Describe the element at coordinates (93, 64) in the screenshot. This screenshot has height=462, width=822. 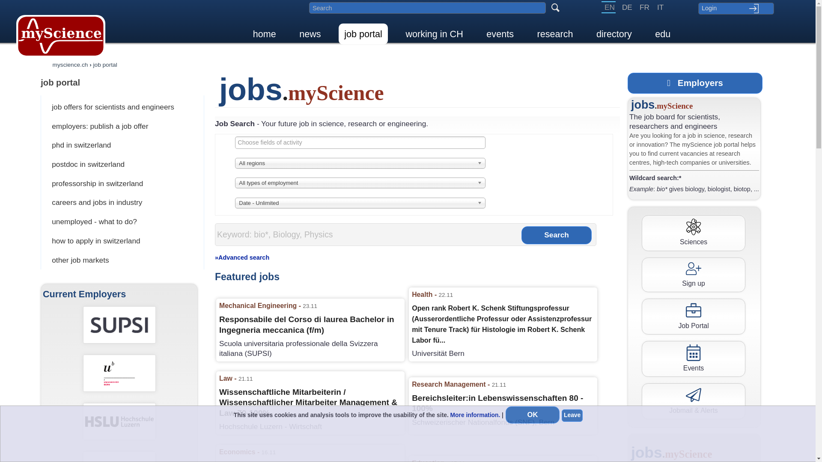
I see `'job portal'` at that location.